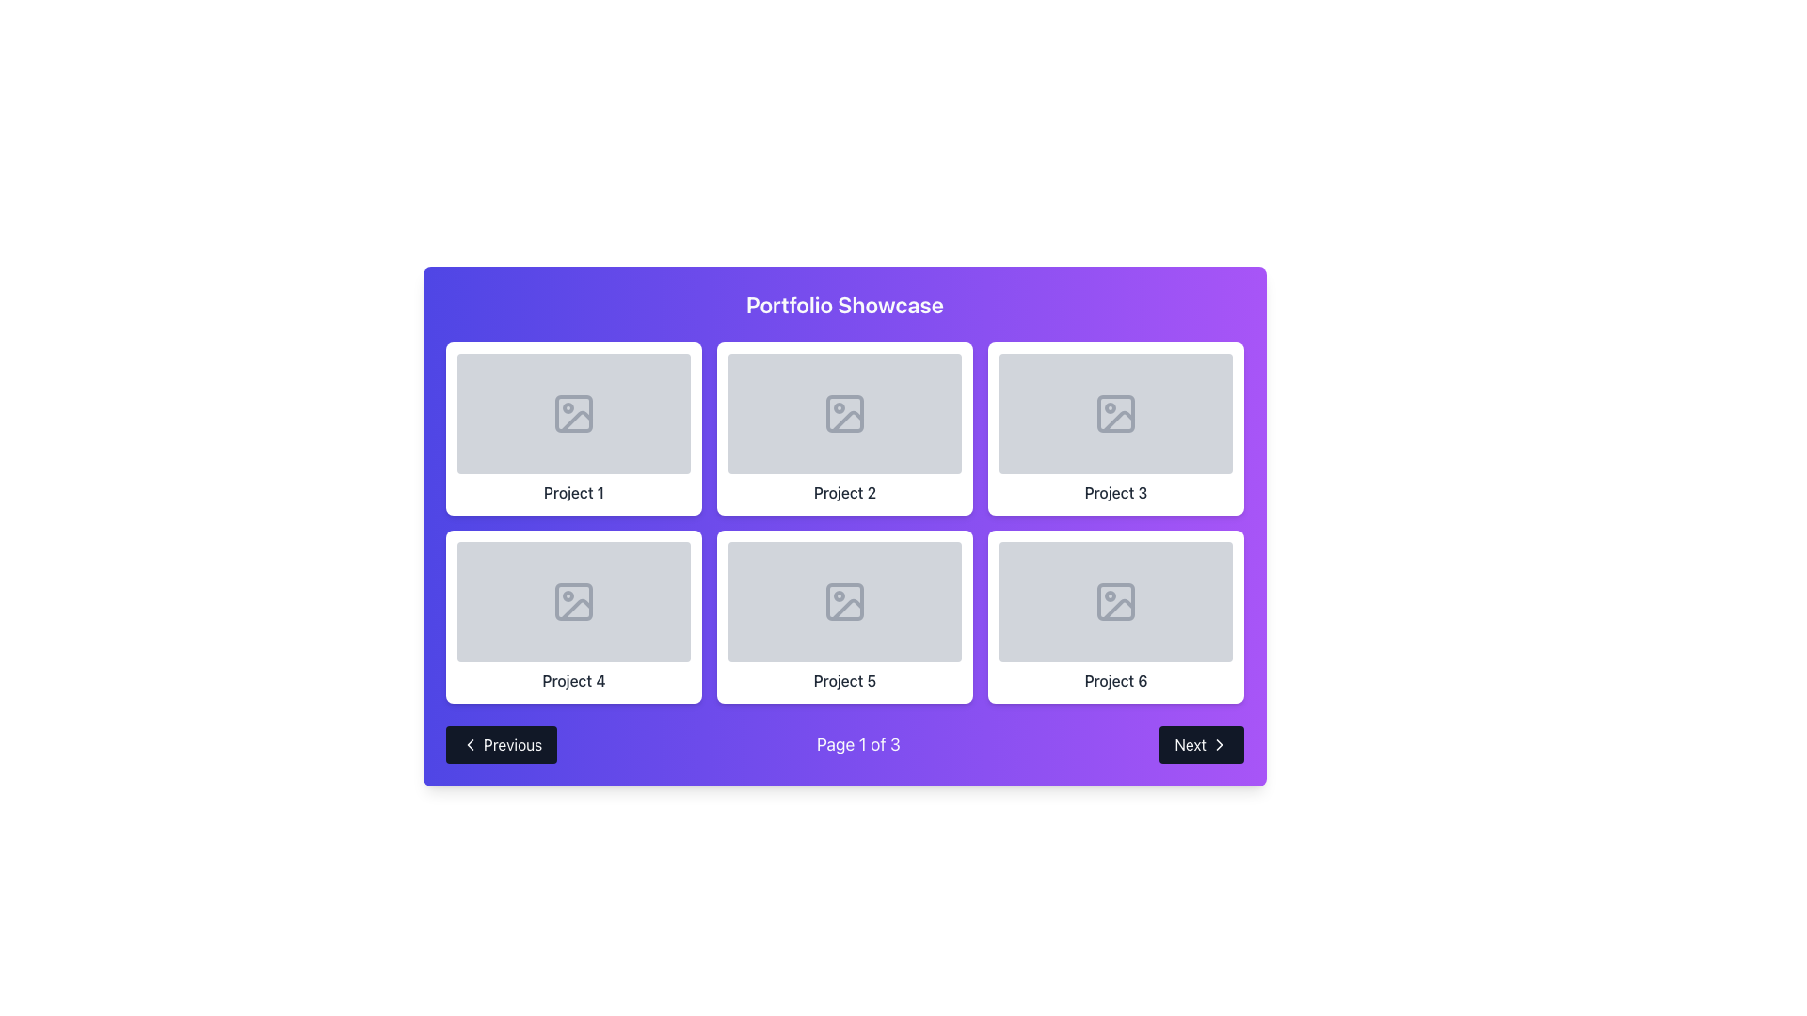 Image resolution: width=1807 pixels, height=1016 pixels. What do you see at coordinates (843, 492) in the screenshot?
I see `text label 'Project 2' located in the middle of the second column in the top row of a three-by-two grid layout within the 'Portfolio Showcase'` at bounding box center [843, 492].